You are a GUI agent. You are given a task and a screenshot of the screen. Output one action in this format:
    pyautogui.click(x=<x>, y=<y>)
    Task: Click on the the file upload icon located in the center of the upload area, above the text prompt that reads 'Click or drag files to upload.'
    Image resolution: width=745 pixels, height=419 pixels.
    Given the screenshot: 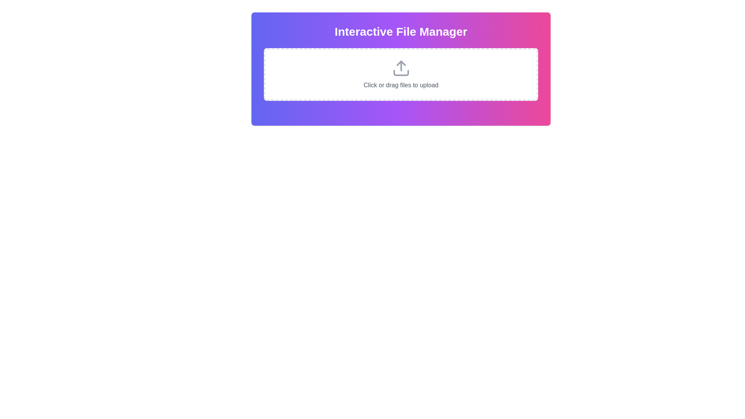 What is the action you would take?
    pyautogui.click(x=401, y=68)
    